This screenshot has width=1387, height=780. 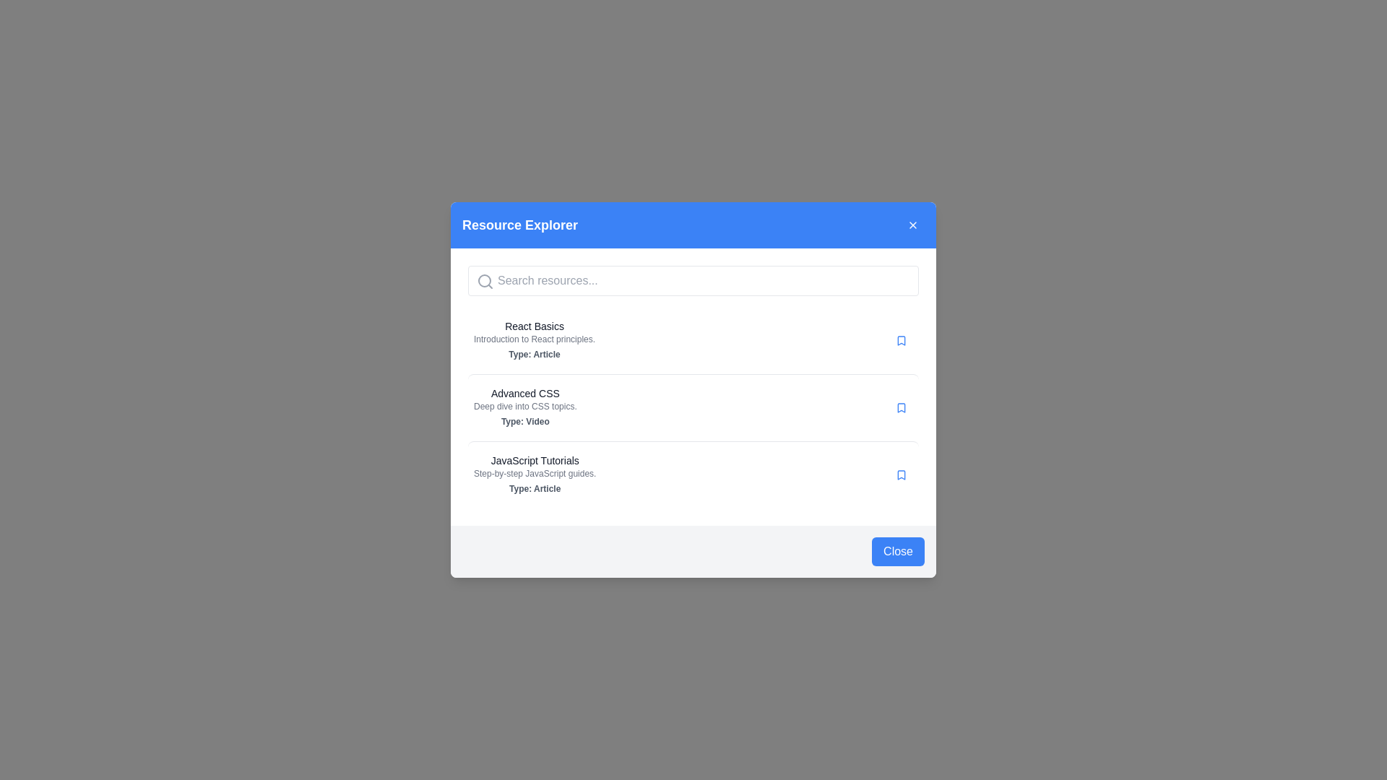 I want to click on the bookmarking icon located at the far right of the second entry in the resource list within the centered modal, so click(x=901, y=407).